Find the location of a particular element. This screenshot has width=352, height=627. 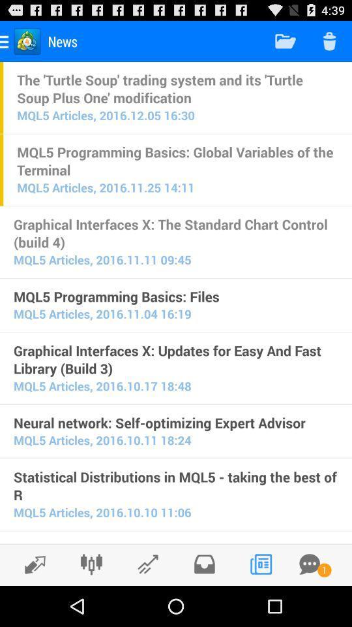

neural network self item is located at coordinates (176, 422).